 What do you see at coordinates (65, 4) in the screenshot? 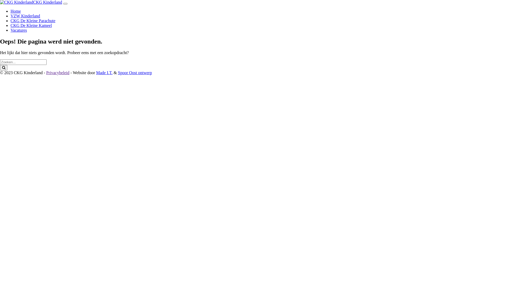
I see `'Menu'` at bounding box center [65, 4].